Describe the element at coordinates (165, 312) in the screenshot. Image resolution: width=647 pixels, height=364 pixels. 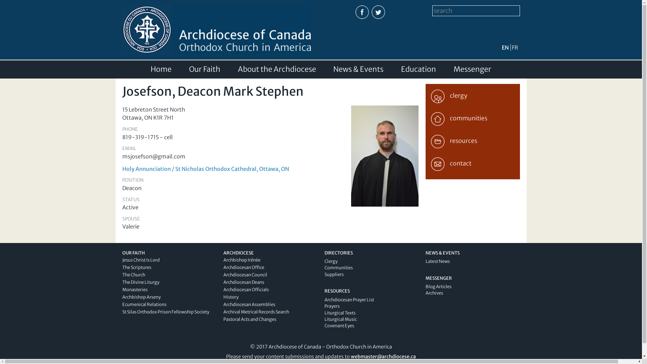
I see `'St Silas Orthodox Prison Fellowship Society'` at that location.